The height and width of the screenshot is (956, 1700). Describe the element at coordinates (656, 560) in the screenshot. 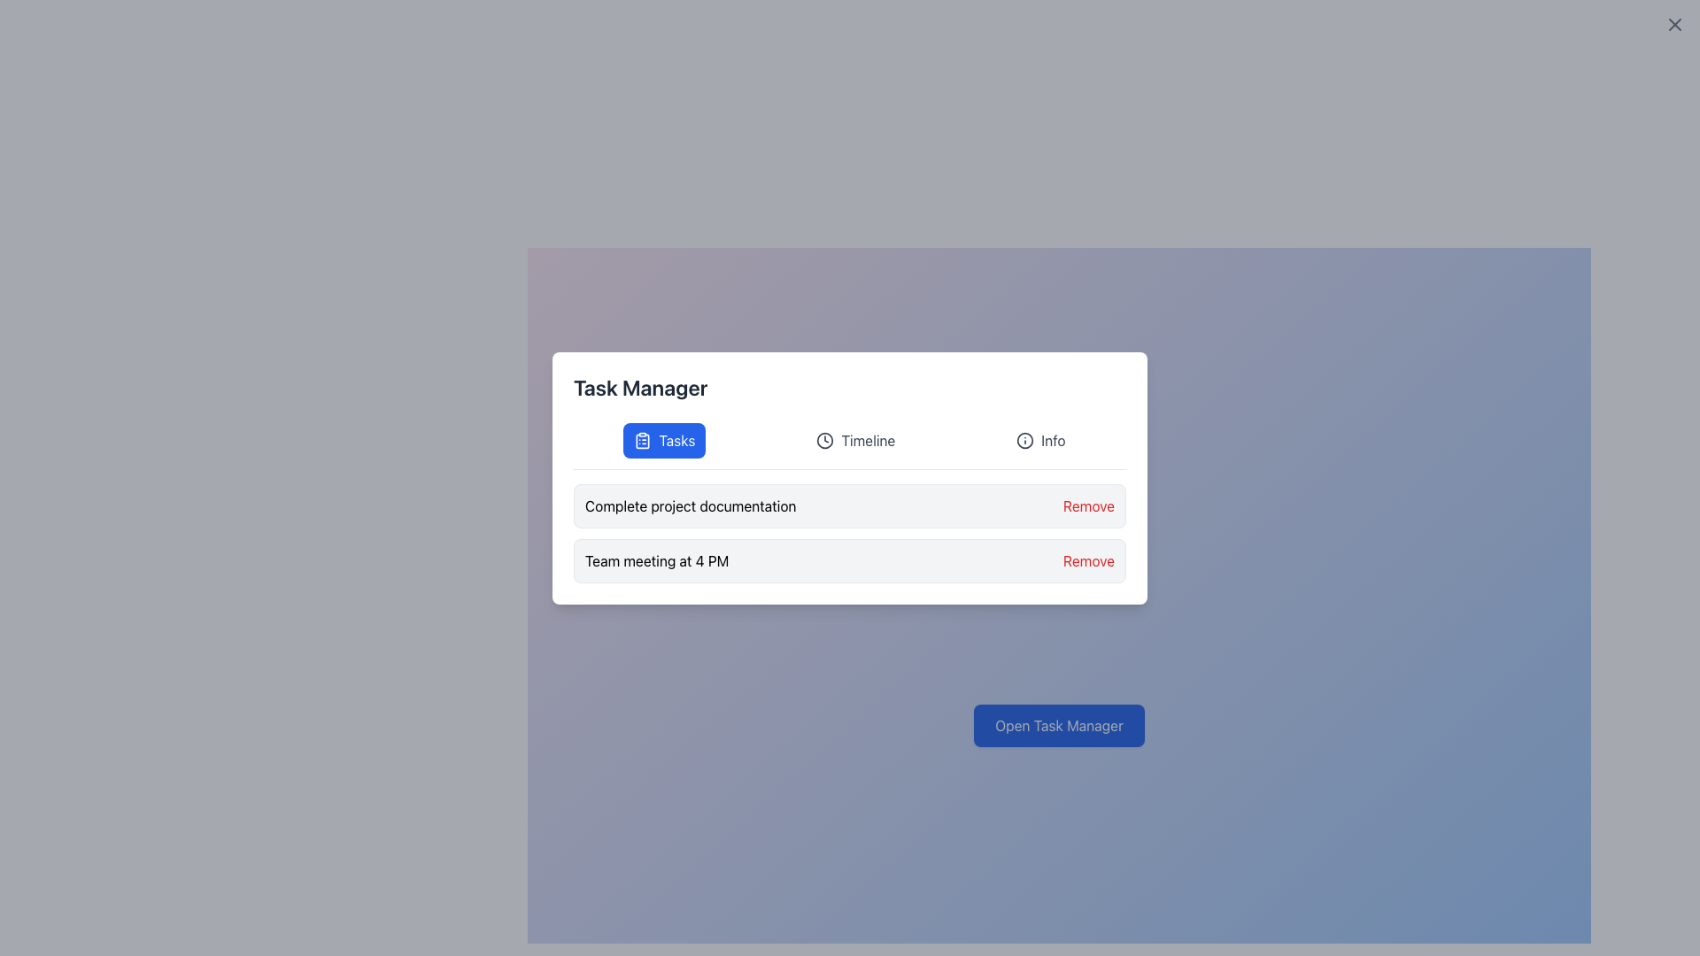

I see `text label that displays 'Team meeting at 4 PM', which is located in the second row of the task list under the 'Task Manager' section` at that location.